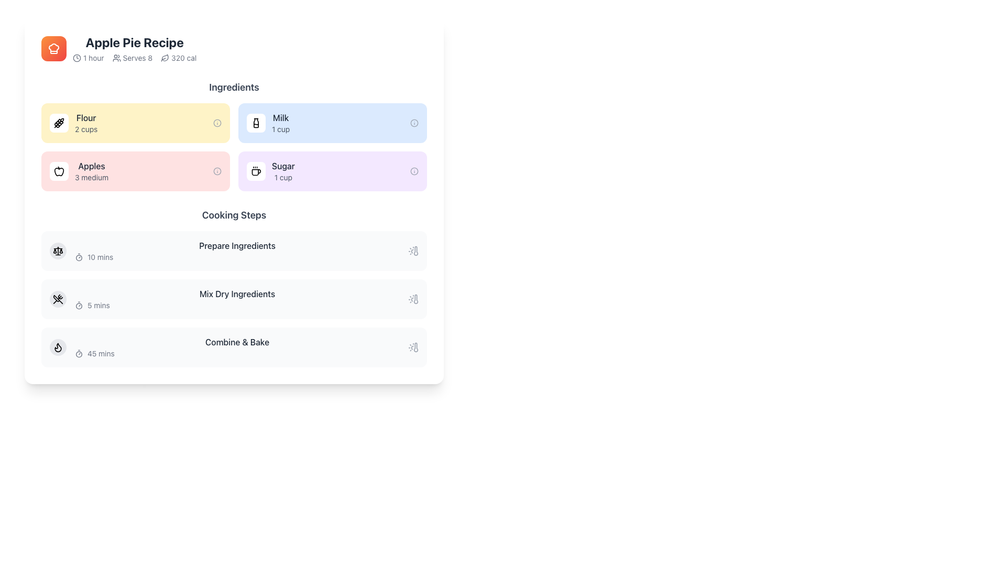 The height and width of the screenshot is (566, 1006). What do you see at coordinates (57, 347) in the screenshot?
I see `the decorative and identifying icon associated with the 'Combine & Bake' cooking step` at bounding box center [57, 347].